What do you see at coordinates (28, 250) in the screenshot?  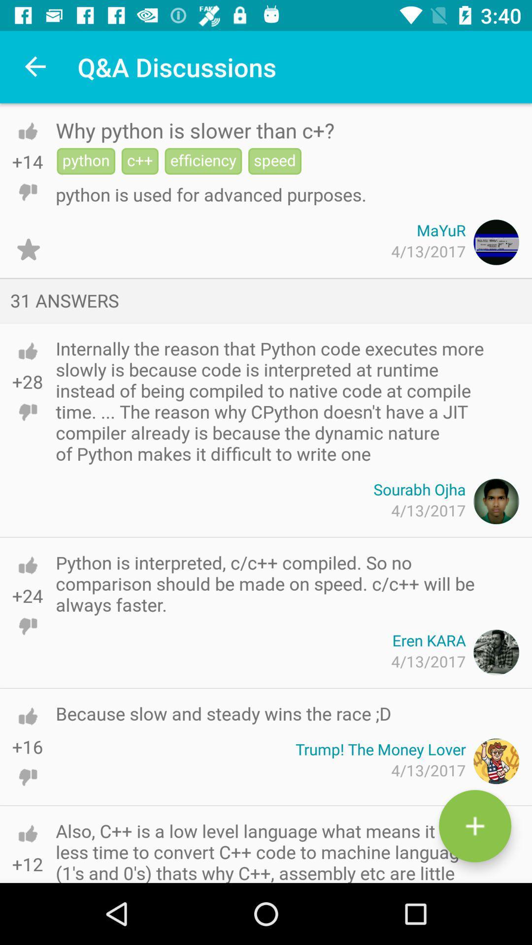 I see `he can activate the simple voice command` at bounding box center [28, 250].